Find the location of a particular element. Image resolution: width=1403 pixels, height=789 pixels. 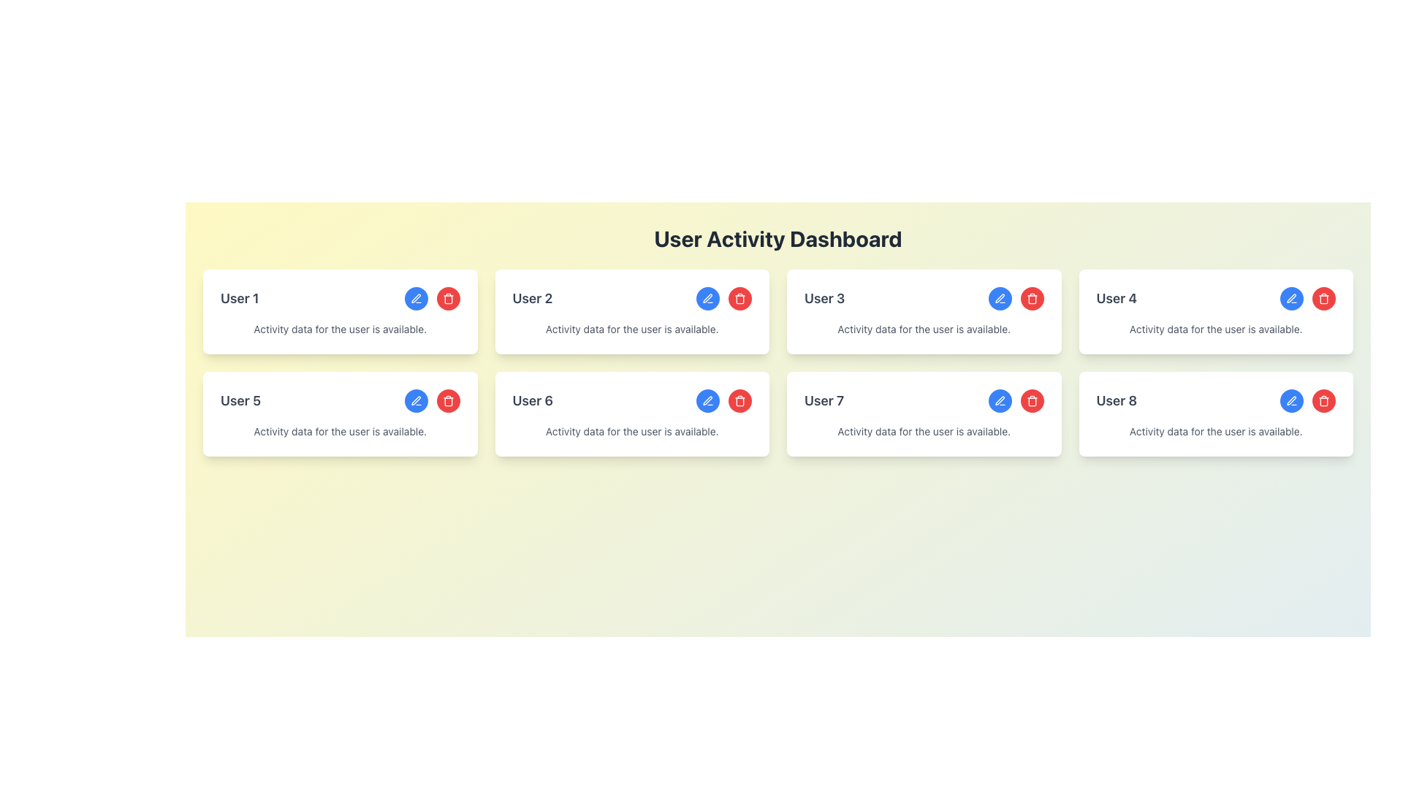

text from the Text Label element displaying 'User Activity Dashboard', which is bold and centered at the top of the interface is located at coordinates (777, 238).